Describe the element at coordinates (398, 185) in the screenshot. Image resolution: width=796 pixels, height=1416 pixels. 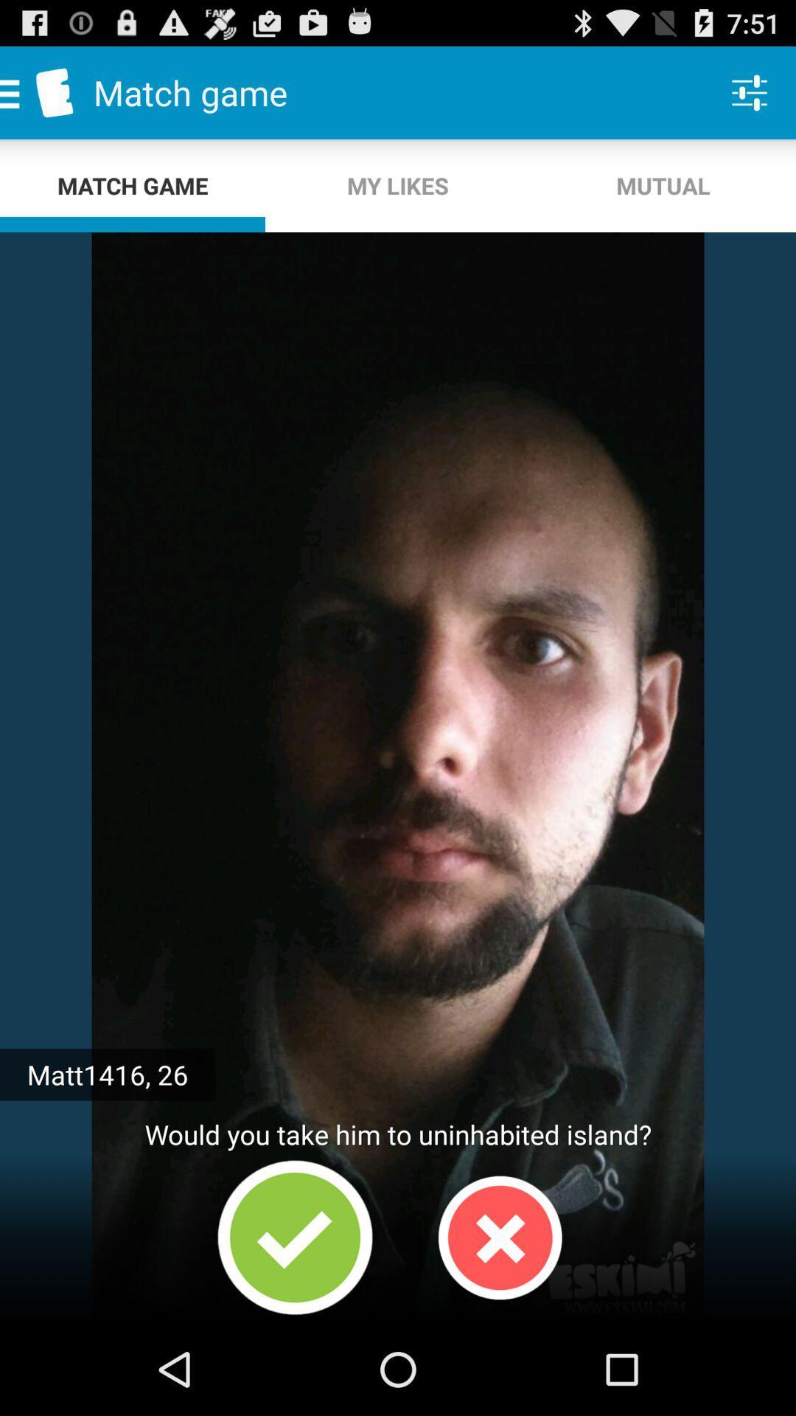
I see `item to the left of the mutual icon` at that location.